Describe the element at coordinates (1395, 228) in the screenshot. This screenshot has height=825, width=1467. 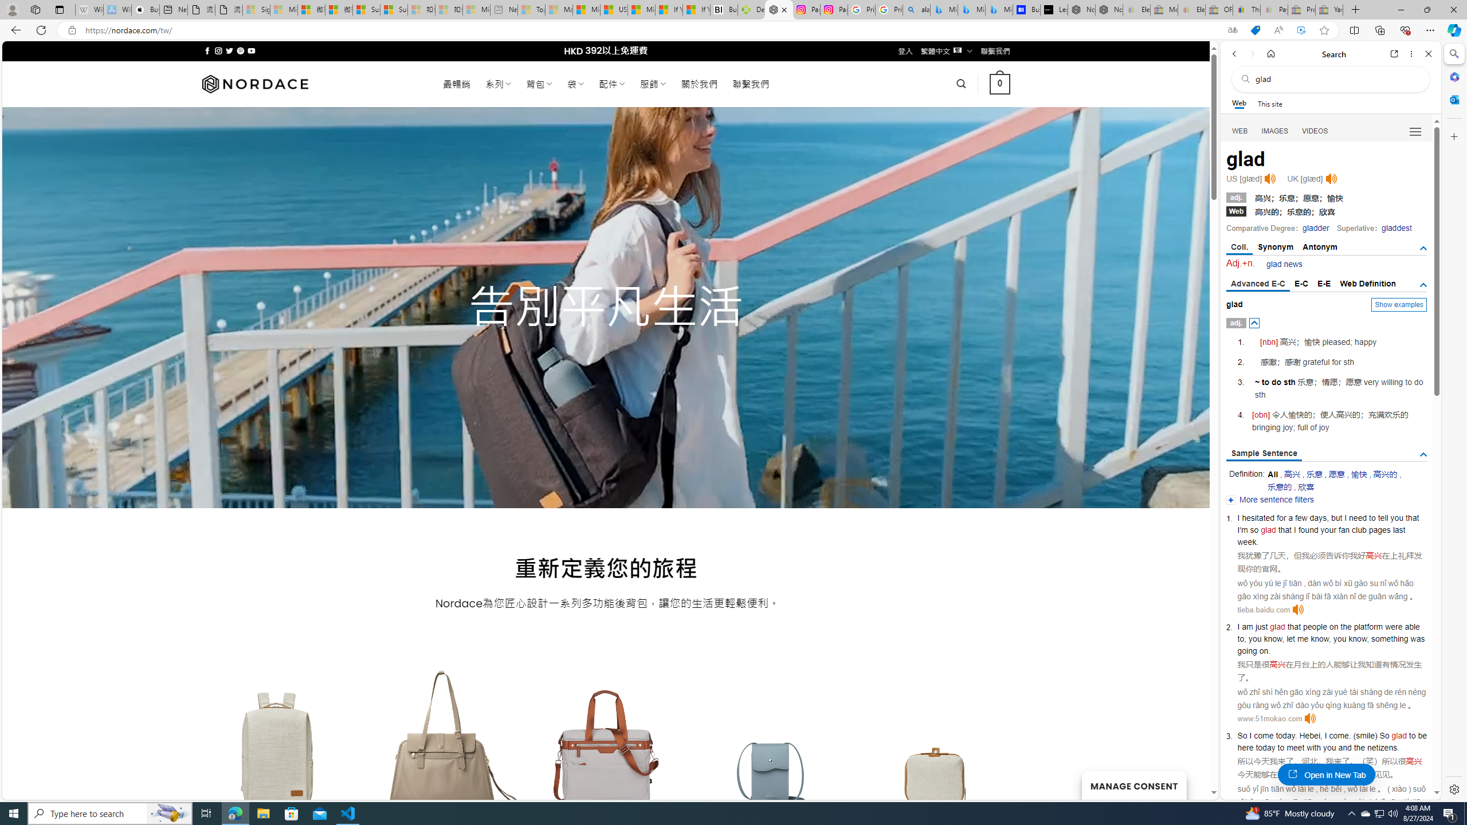
I see `'gladdest'` at that location.